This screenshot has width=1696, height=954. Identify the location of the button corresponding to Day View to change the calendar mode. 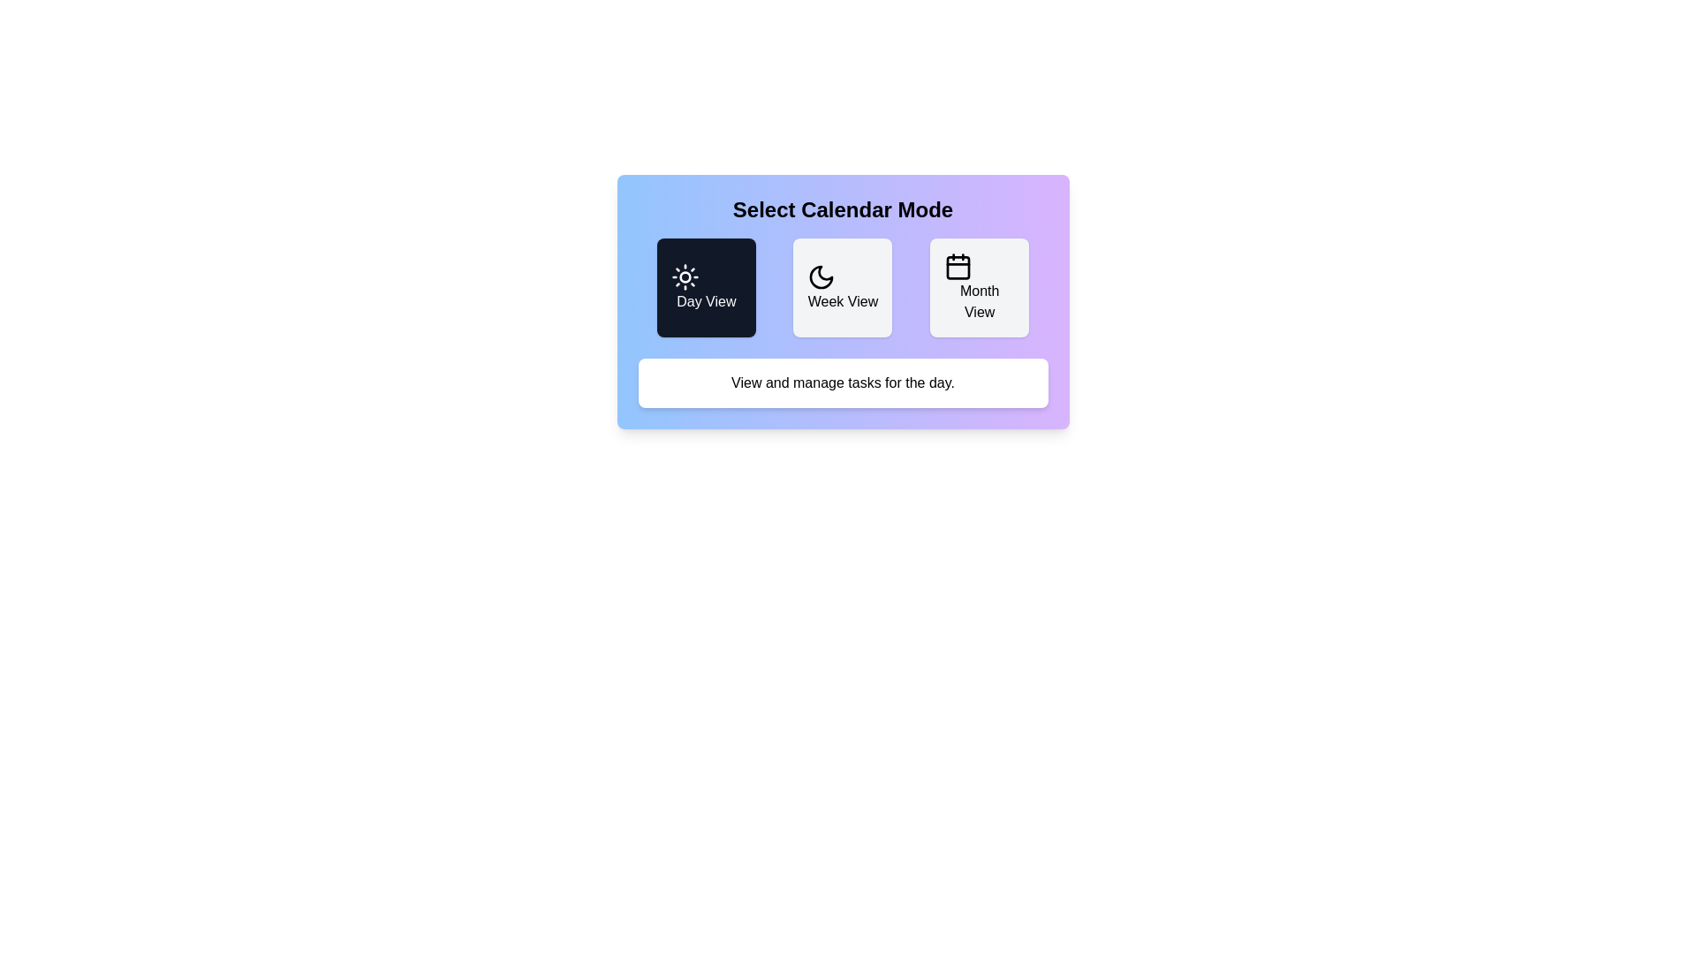
(705, 287).